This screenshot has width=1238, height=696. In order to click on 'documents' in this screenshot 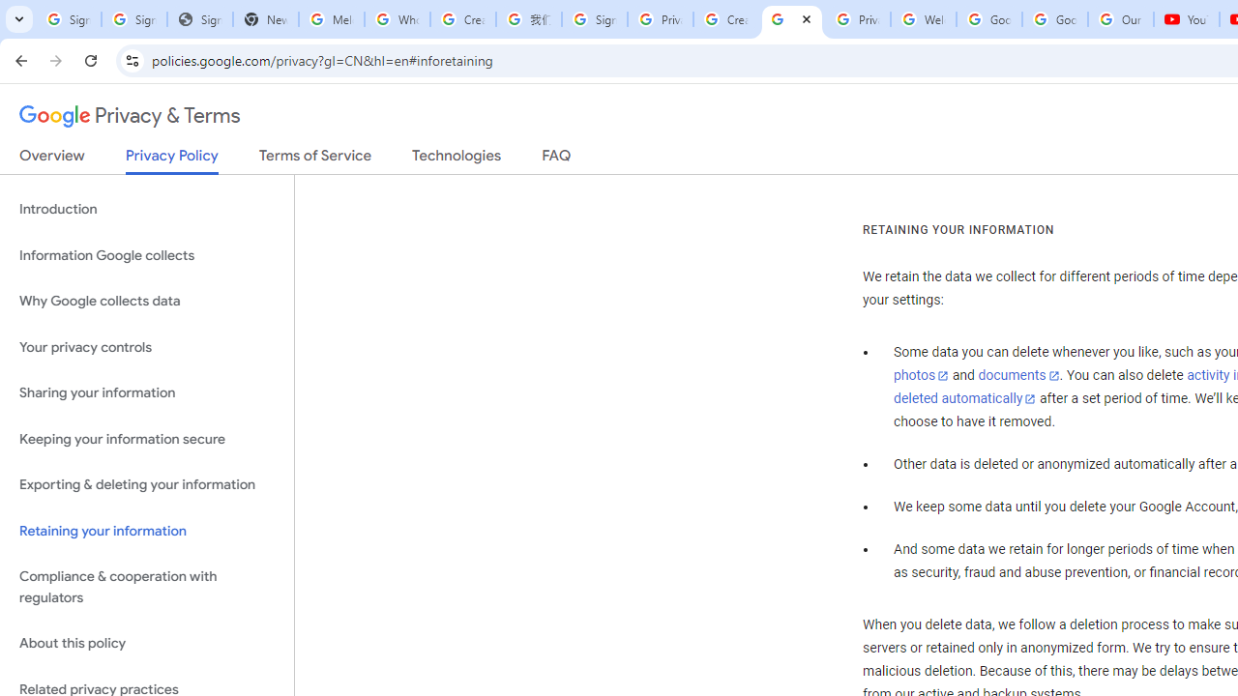, I will do `click(1017, 376)`.